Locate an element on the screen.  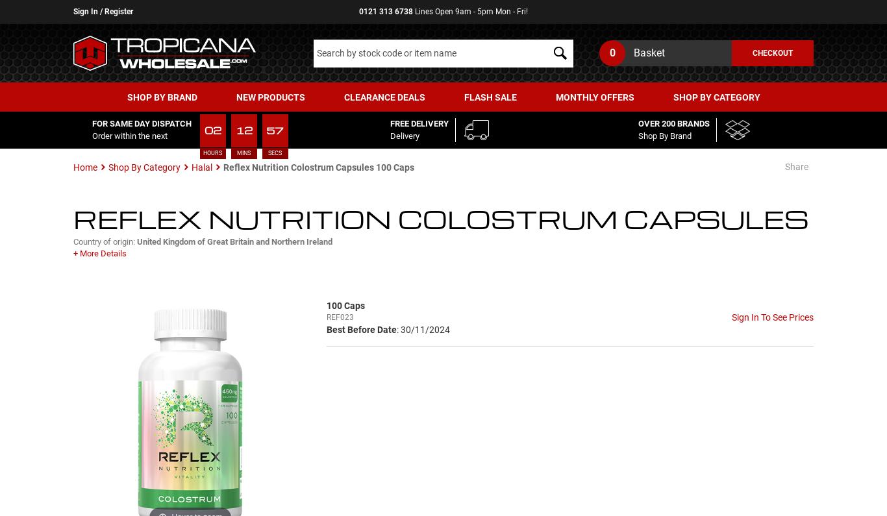
'Lines Open 9am - 5pm Mon - Fri!' is located at coordinates (412, 10).